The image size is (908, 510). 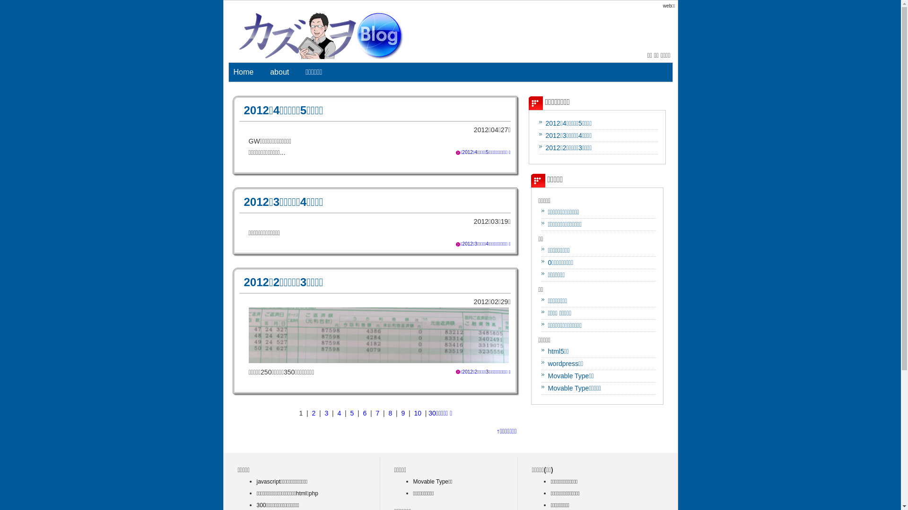 What do you see at coordinates (374, 413) in the screenshot?
I see `' 7 '` at bounding box center [374, 413].